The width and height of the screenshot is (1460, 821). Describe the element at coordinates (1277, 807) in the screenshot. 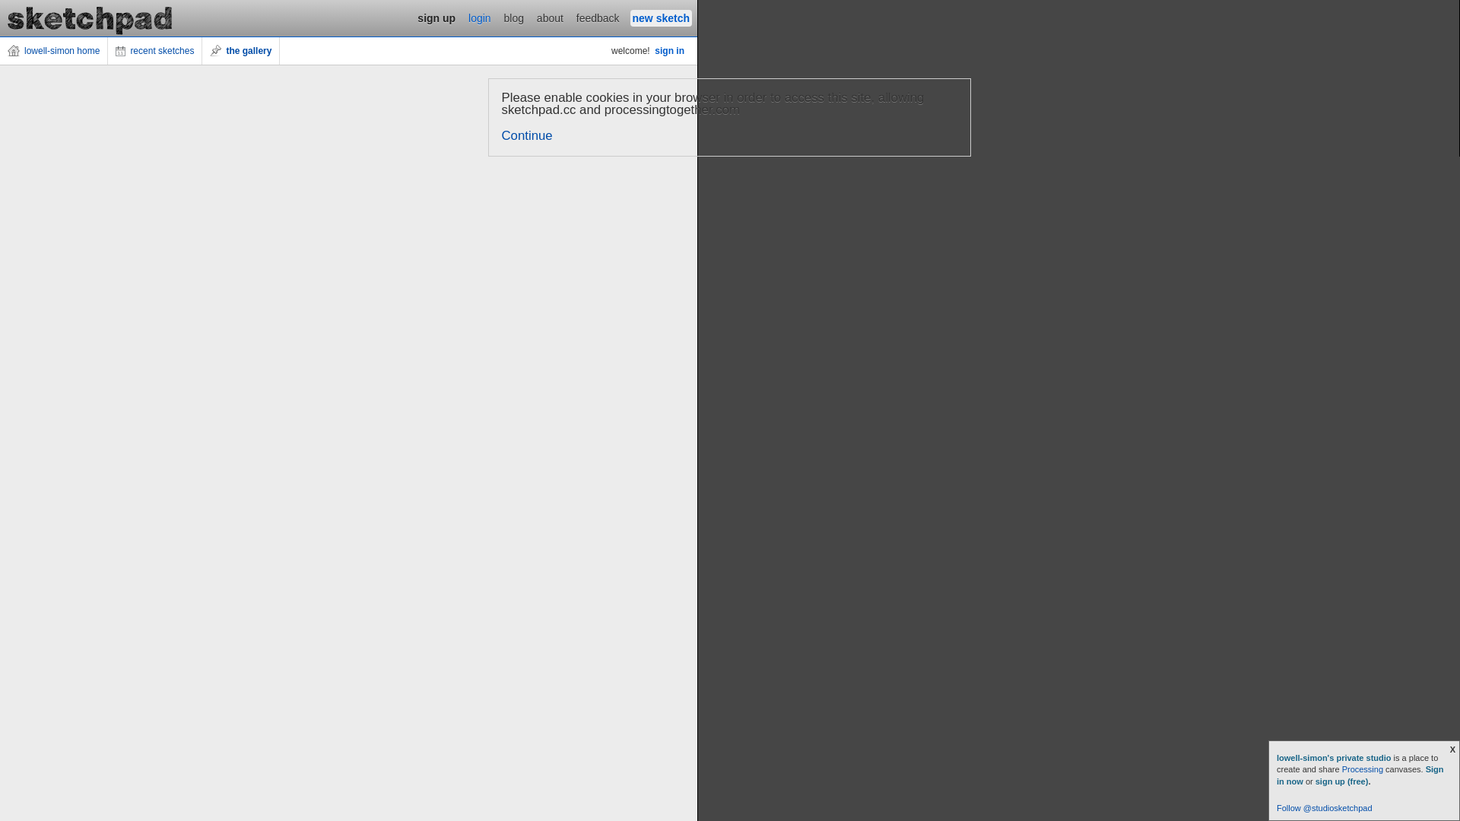

I see `'Follow @studiosketchpad'` at that location.